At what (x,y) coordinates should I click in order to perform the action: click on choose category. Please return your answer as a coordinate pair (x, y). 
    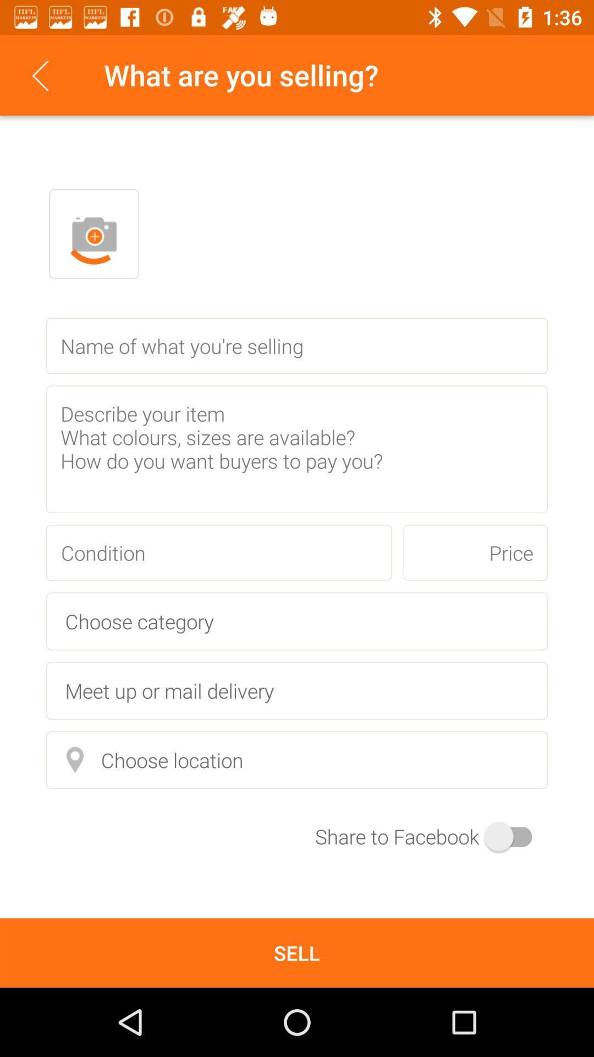
    Looking at the image, I should click on (297, 621).